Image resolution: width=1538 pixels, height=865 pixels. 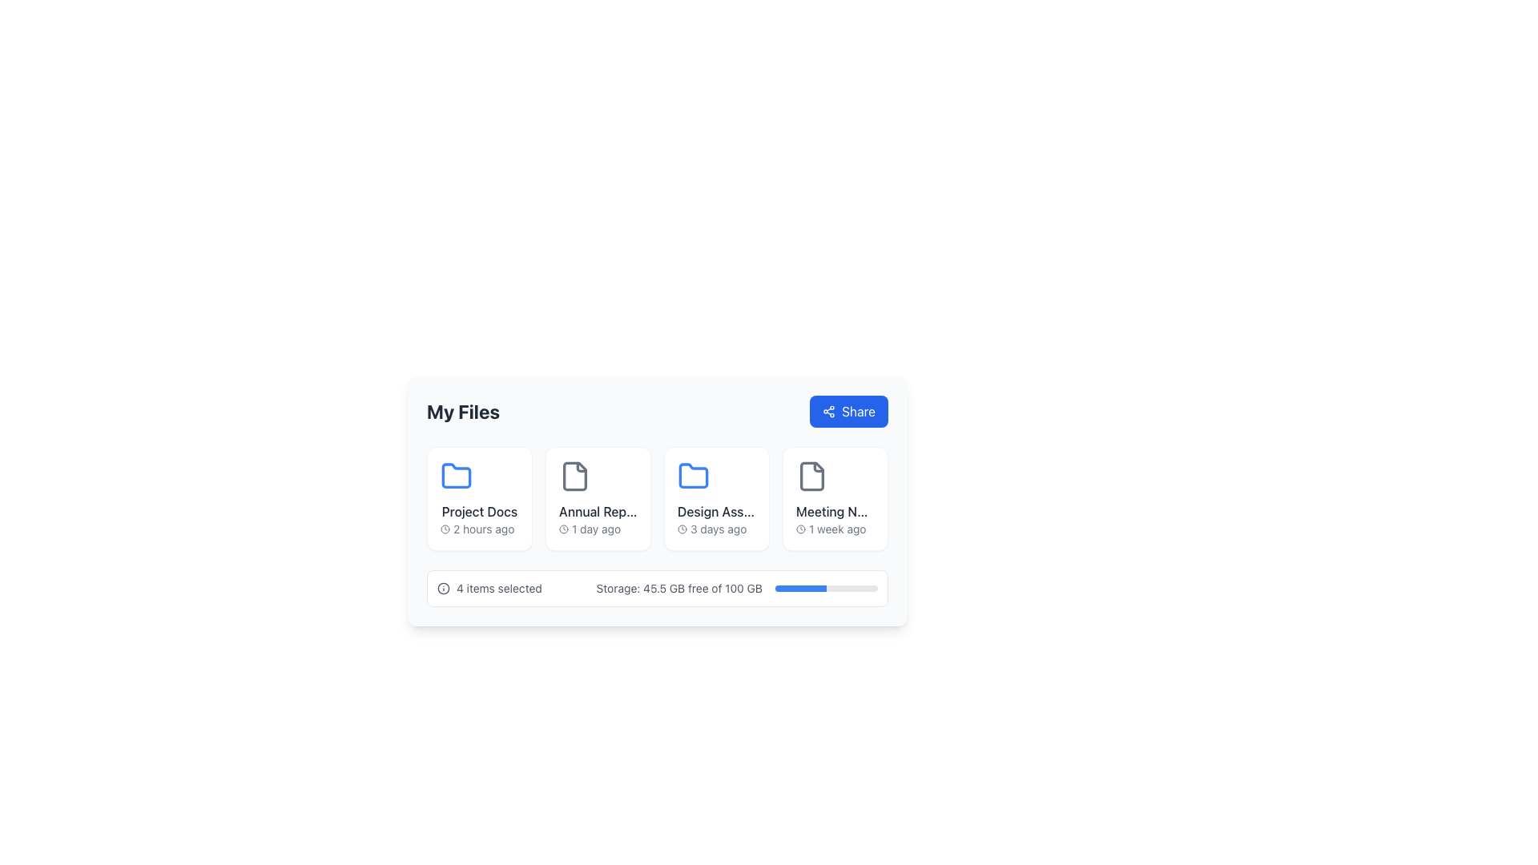 What do you see at coordinates (827, 589) in the screenshot?
I see `the horizontal progress bar located in the footer of the 'My Files' section, which is visually represented by a gray background with a blue-filled portion indicating progress` at bounding box center [827, 589].